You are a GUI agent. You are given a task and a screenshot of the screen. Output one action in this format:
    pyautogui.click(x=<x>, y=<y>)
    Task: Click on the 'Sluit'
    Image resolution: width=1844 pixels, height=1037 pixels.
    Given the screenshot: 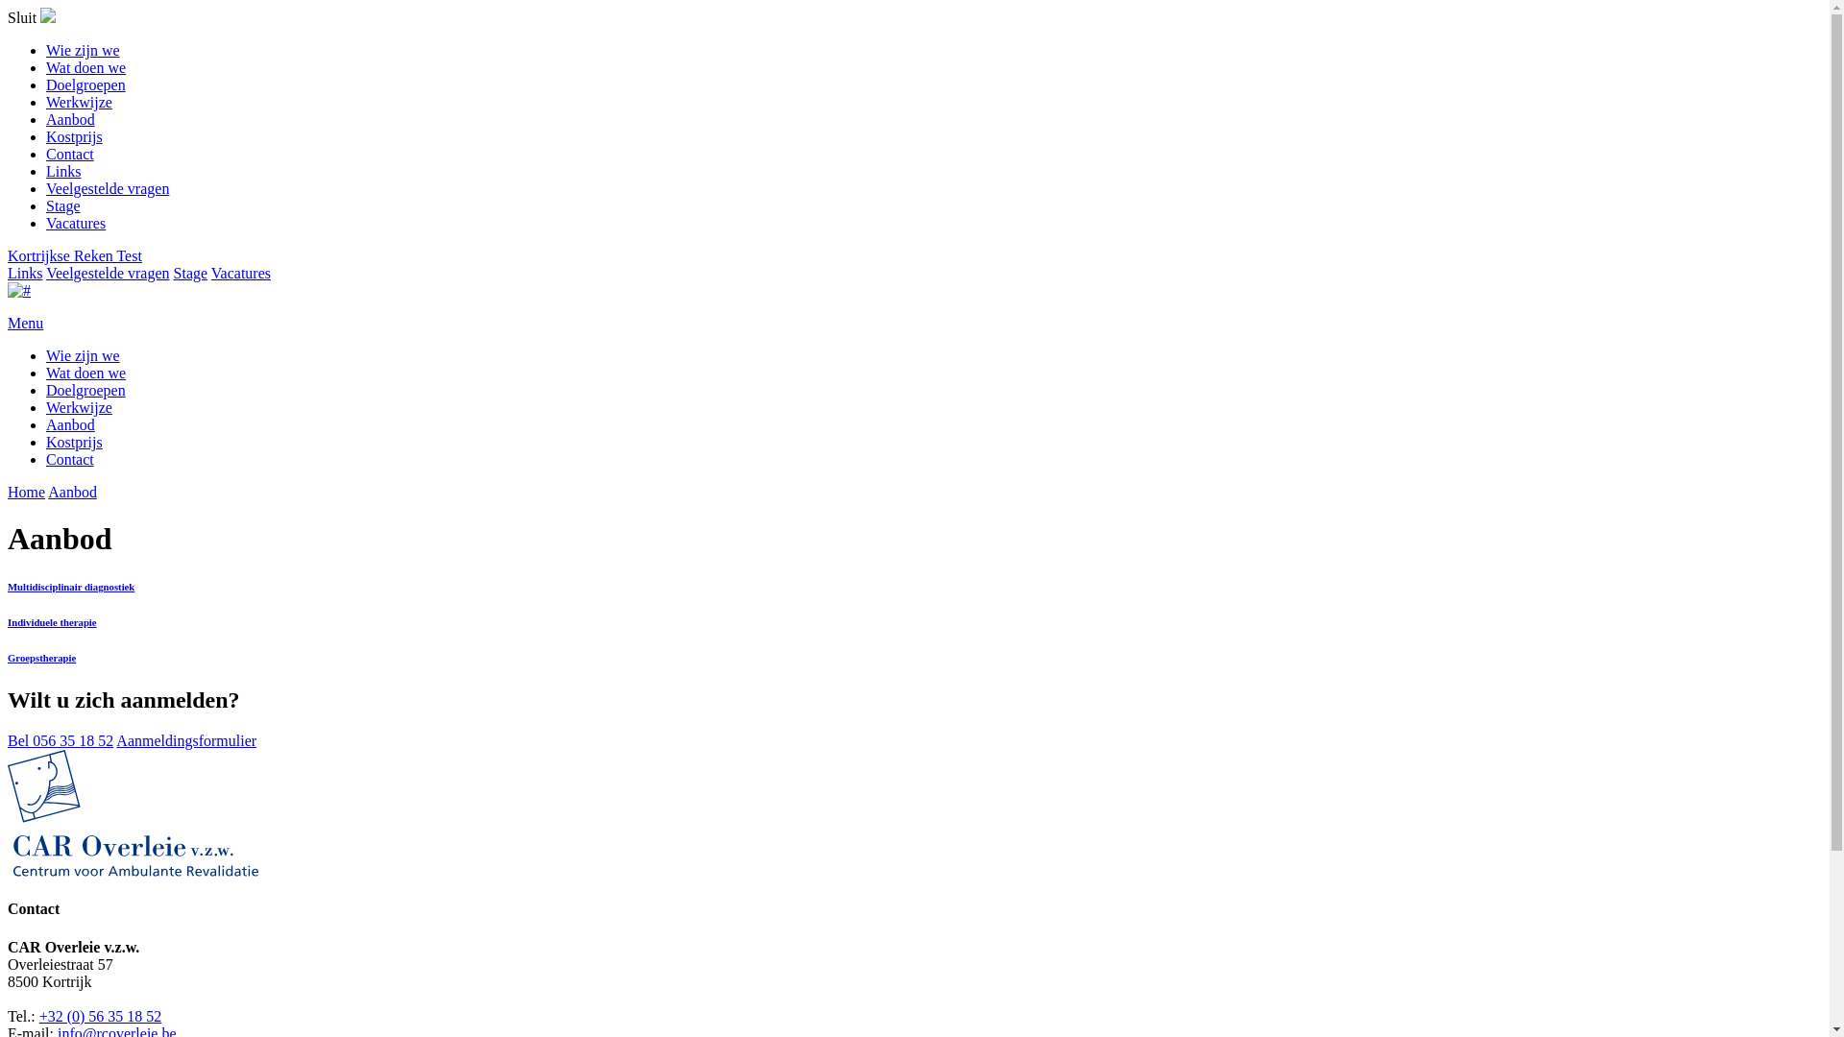 What is the action you would take?
    pyautogui.click(x=23, y=17)
    